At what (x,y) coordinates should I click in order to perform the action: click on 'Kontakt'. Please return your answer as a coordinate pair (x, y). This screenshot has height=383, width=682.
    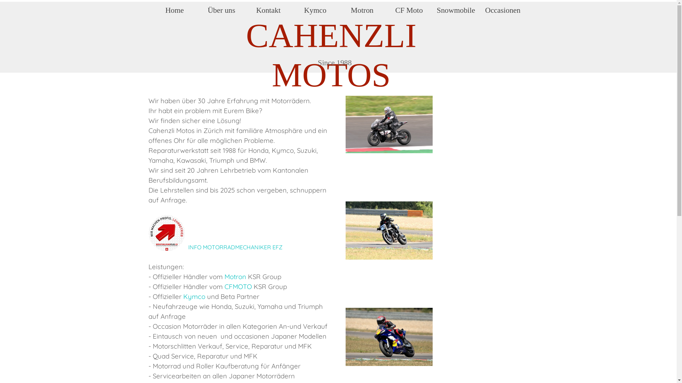
    Looking at the image, I should click on (247, 10).